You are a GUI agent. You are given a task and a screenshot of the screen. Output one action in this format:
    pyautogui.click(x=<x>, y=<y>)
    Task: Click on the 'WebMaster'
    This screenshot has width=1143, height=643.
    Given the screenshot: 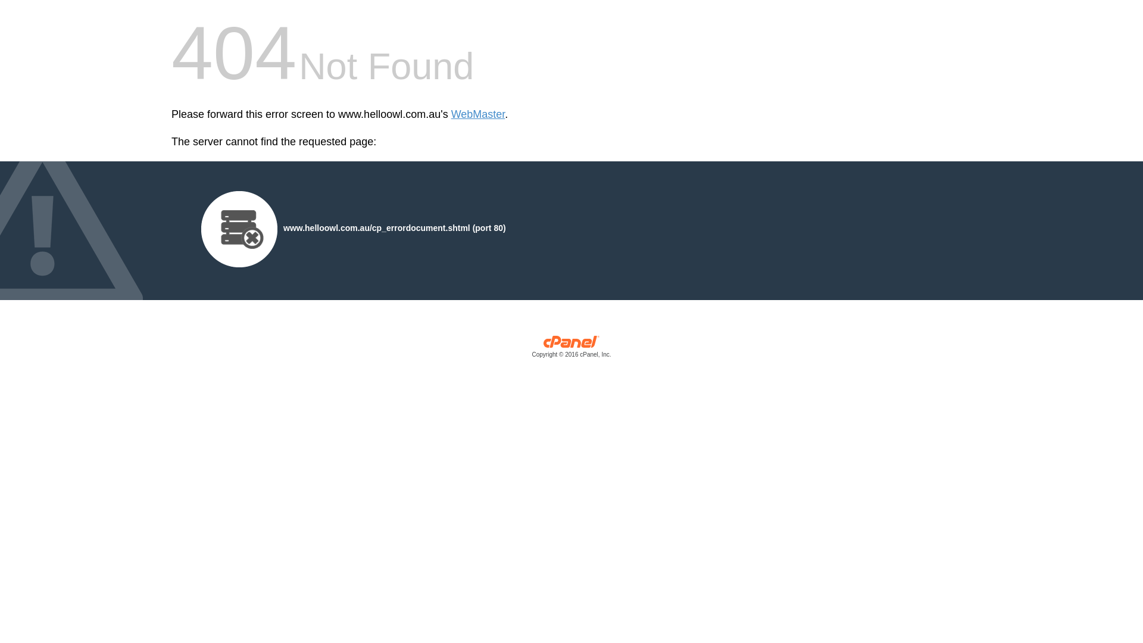 What is the action you would take?
    pyautogui.click(x=478, y=114)
    